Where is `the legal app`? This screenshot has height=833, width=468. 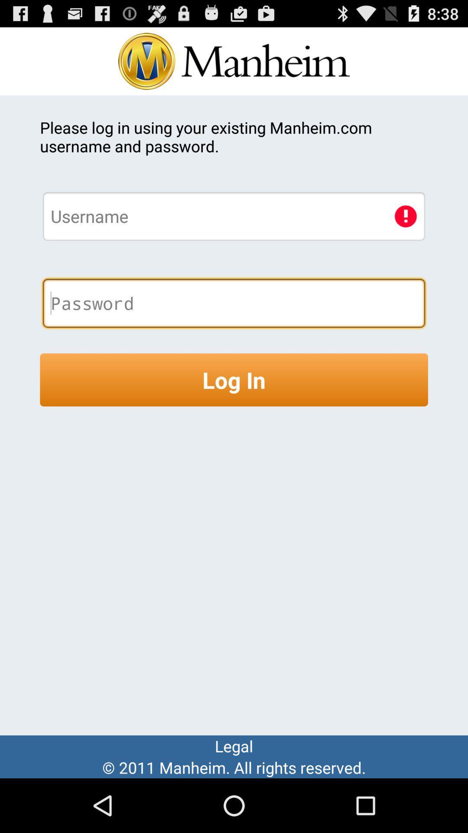 the legal app is located at coordinates (234, 745).